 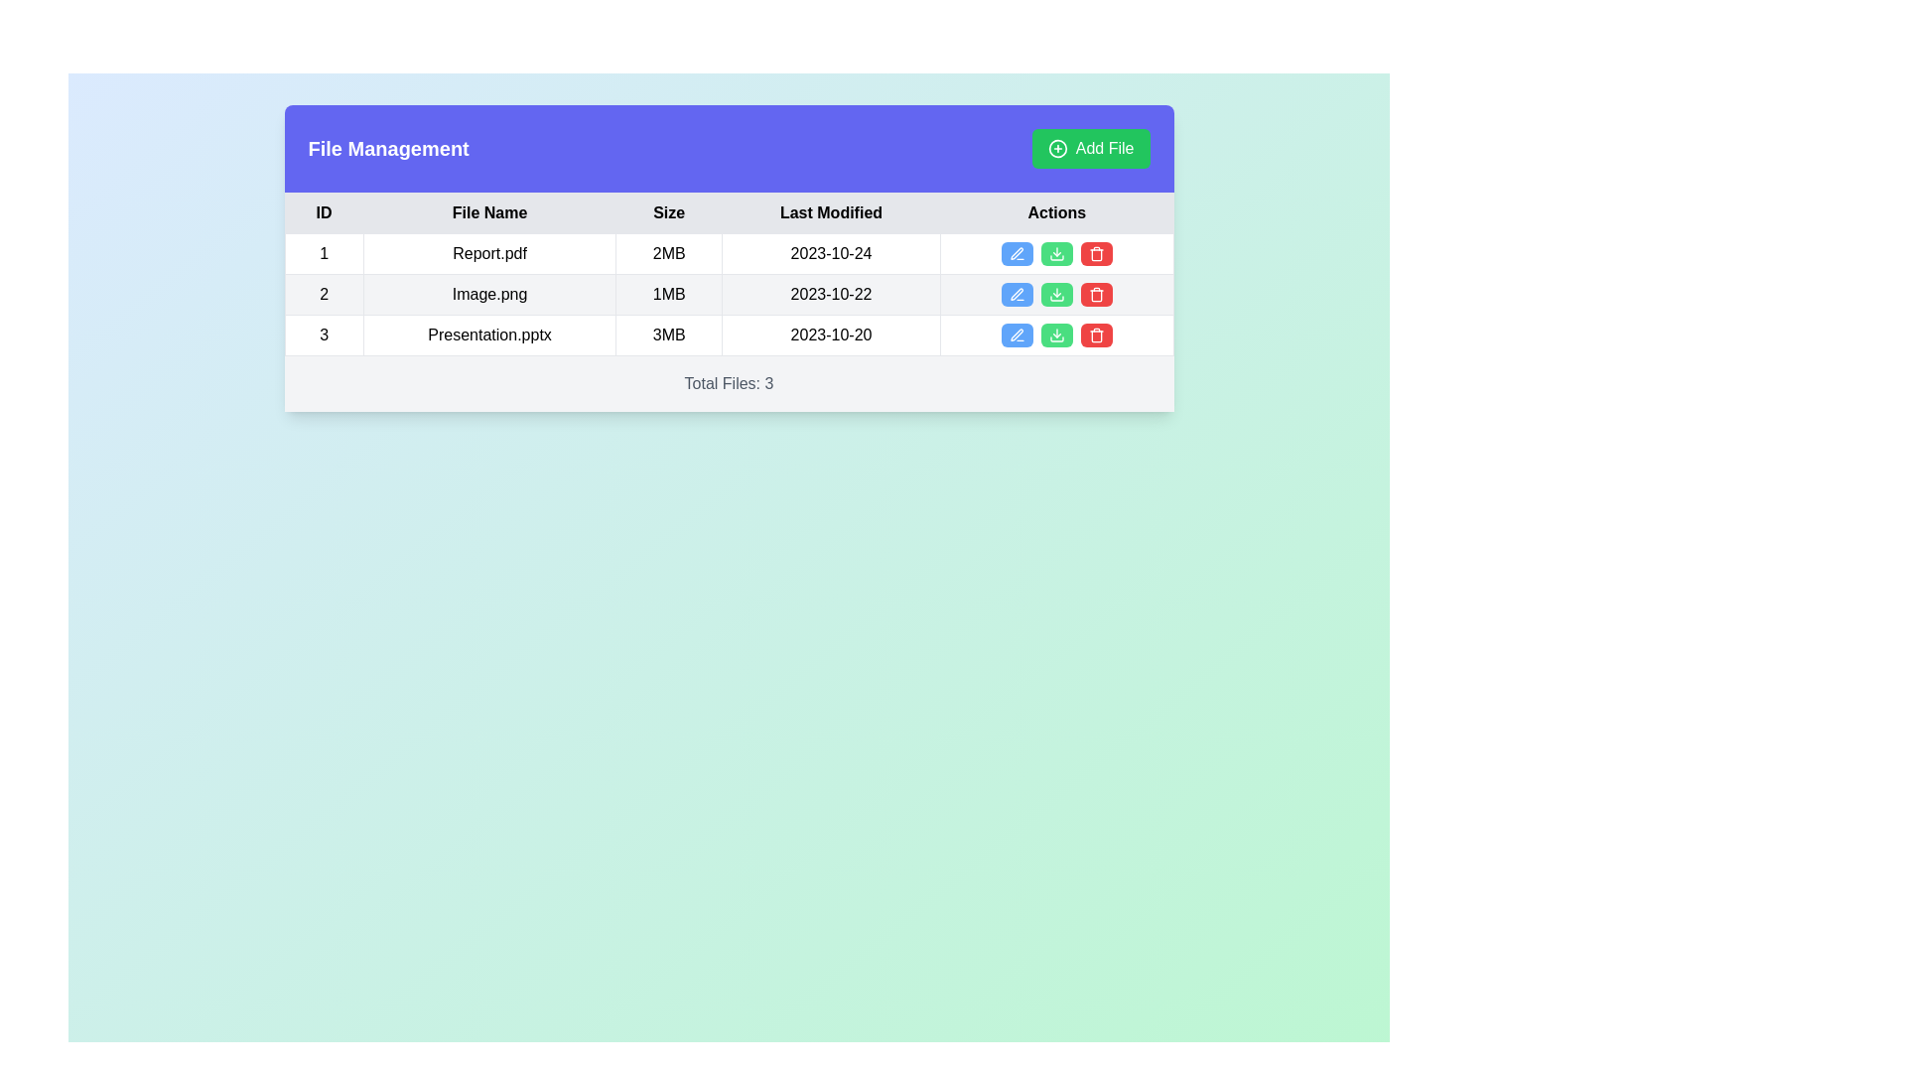 I want to click on the 'Last Modified' table header cell, which is the fourth column in the table header row, positioned between the 'Size' and 'Actions' columns, so click(x=831, y=213).